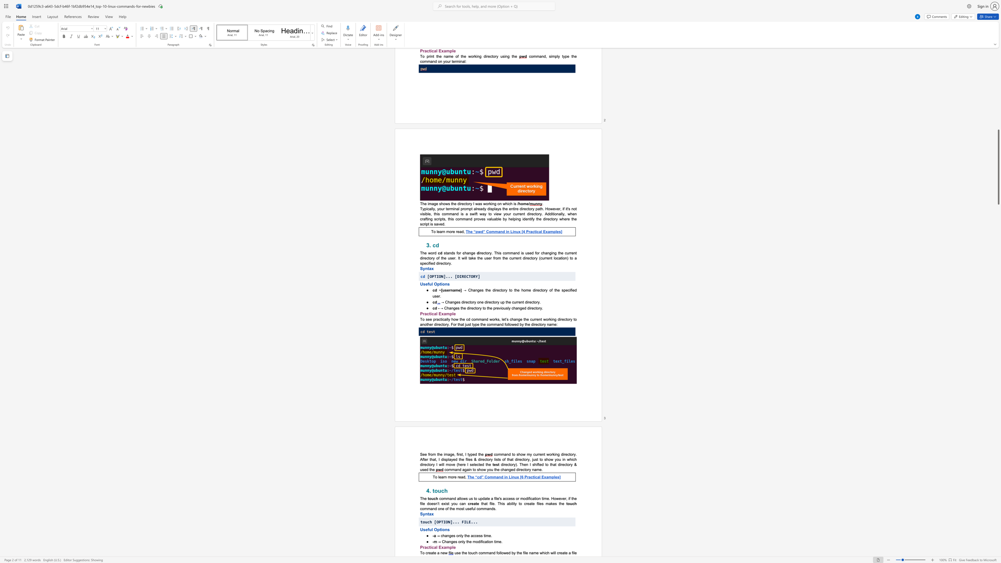 Image resolution: width=1001 pixels, height=563 pixels. I want to click on the subset text "previ" within the text "→ Changes the directory to the previously changed directory.", so click(493, 307).